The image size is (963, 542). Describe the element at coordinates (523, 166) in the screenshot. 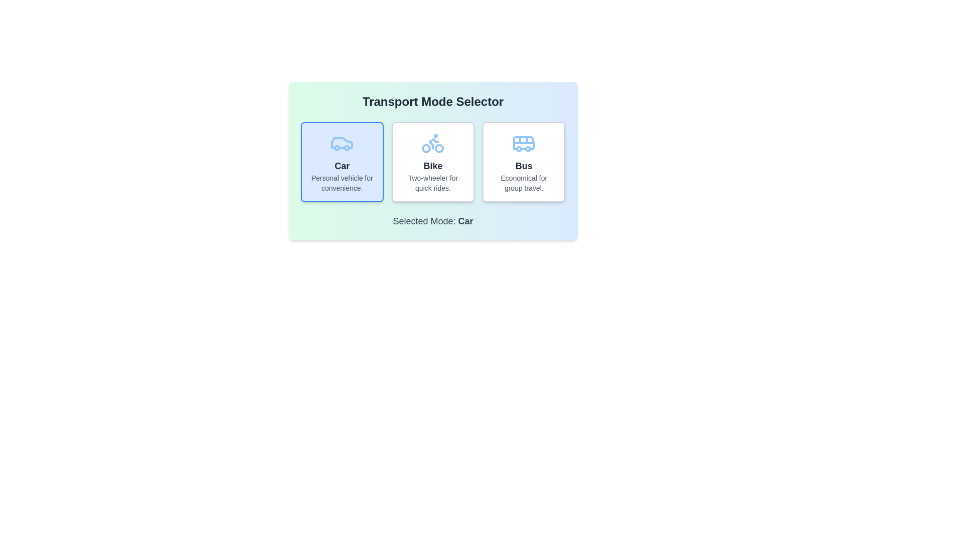

I see `text of the prominent text label displaying 'Bus', which is located in the rightmost card above the description 'Economical for group travel.' and below the blue bus icon` at that location.